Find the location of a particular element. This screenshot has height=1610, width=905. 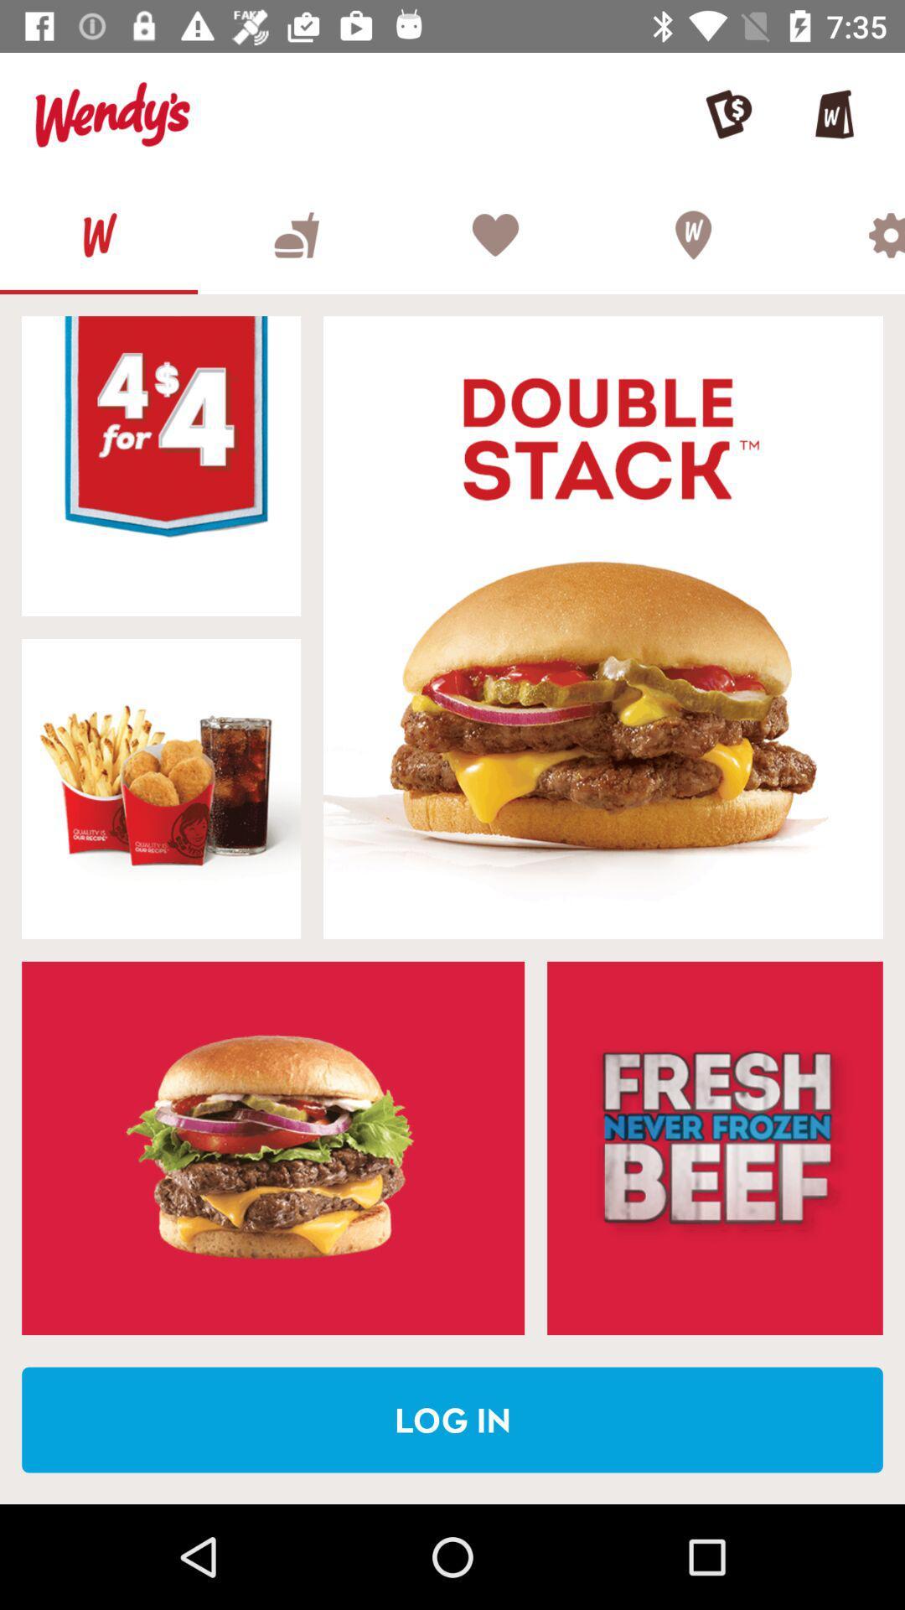

the icon at the bottom right corner is located at coordinates (715, 1147).